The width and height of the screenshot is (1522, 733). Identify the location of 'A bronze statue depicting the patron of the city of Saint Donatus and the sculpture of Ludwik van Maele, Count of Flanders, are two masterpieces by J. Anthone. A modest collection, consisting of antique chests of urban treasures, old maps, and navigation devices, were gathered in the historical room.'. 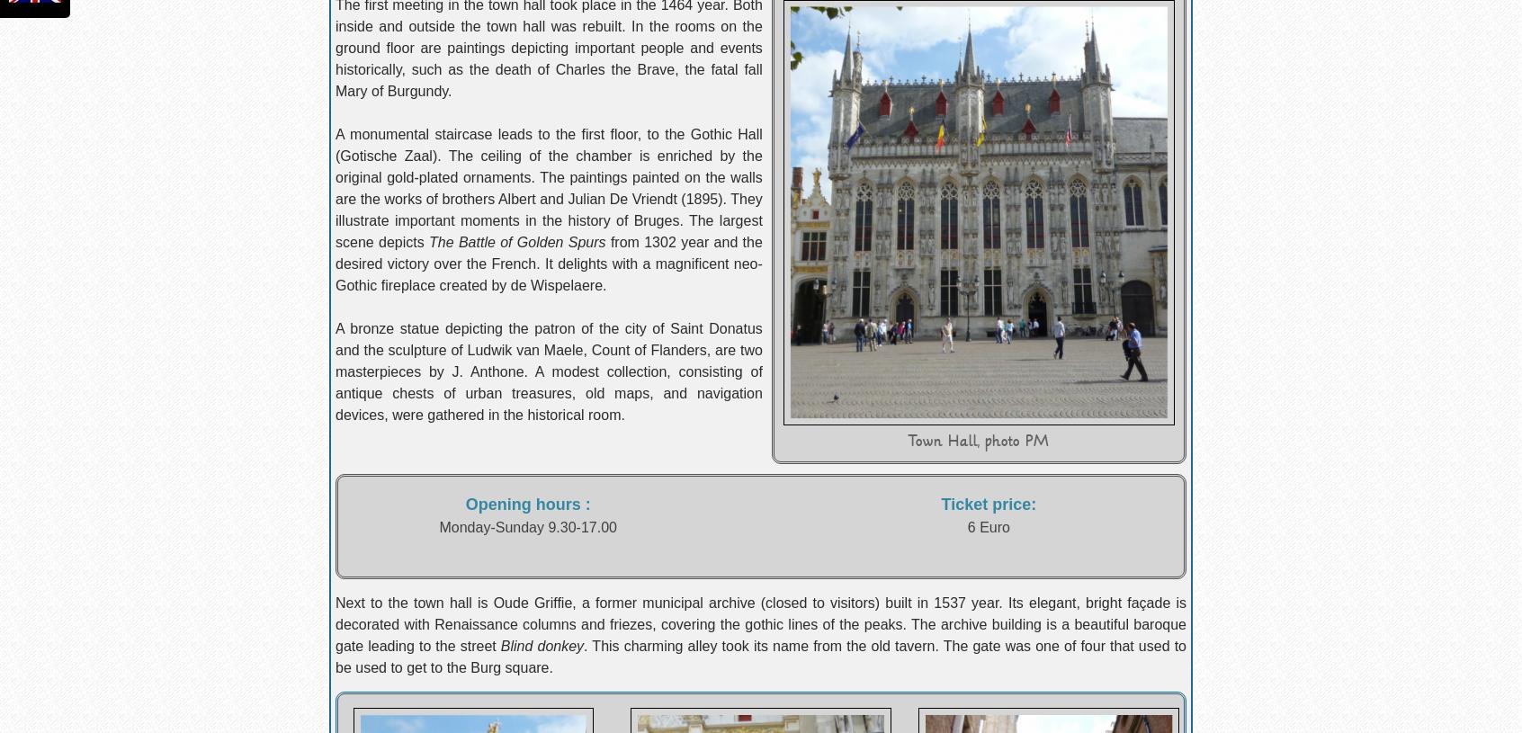
(335, 371).